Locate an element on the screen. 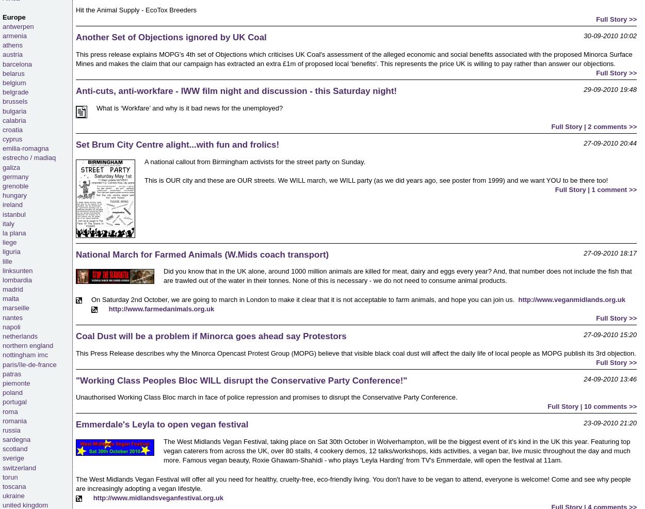  'piemonte' is located at coordinates (16, 383).